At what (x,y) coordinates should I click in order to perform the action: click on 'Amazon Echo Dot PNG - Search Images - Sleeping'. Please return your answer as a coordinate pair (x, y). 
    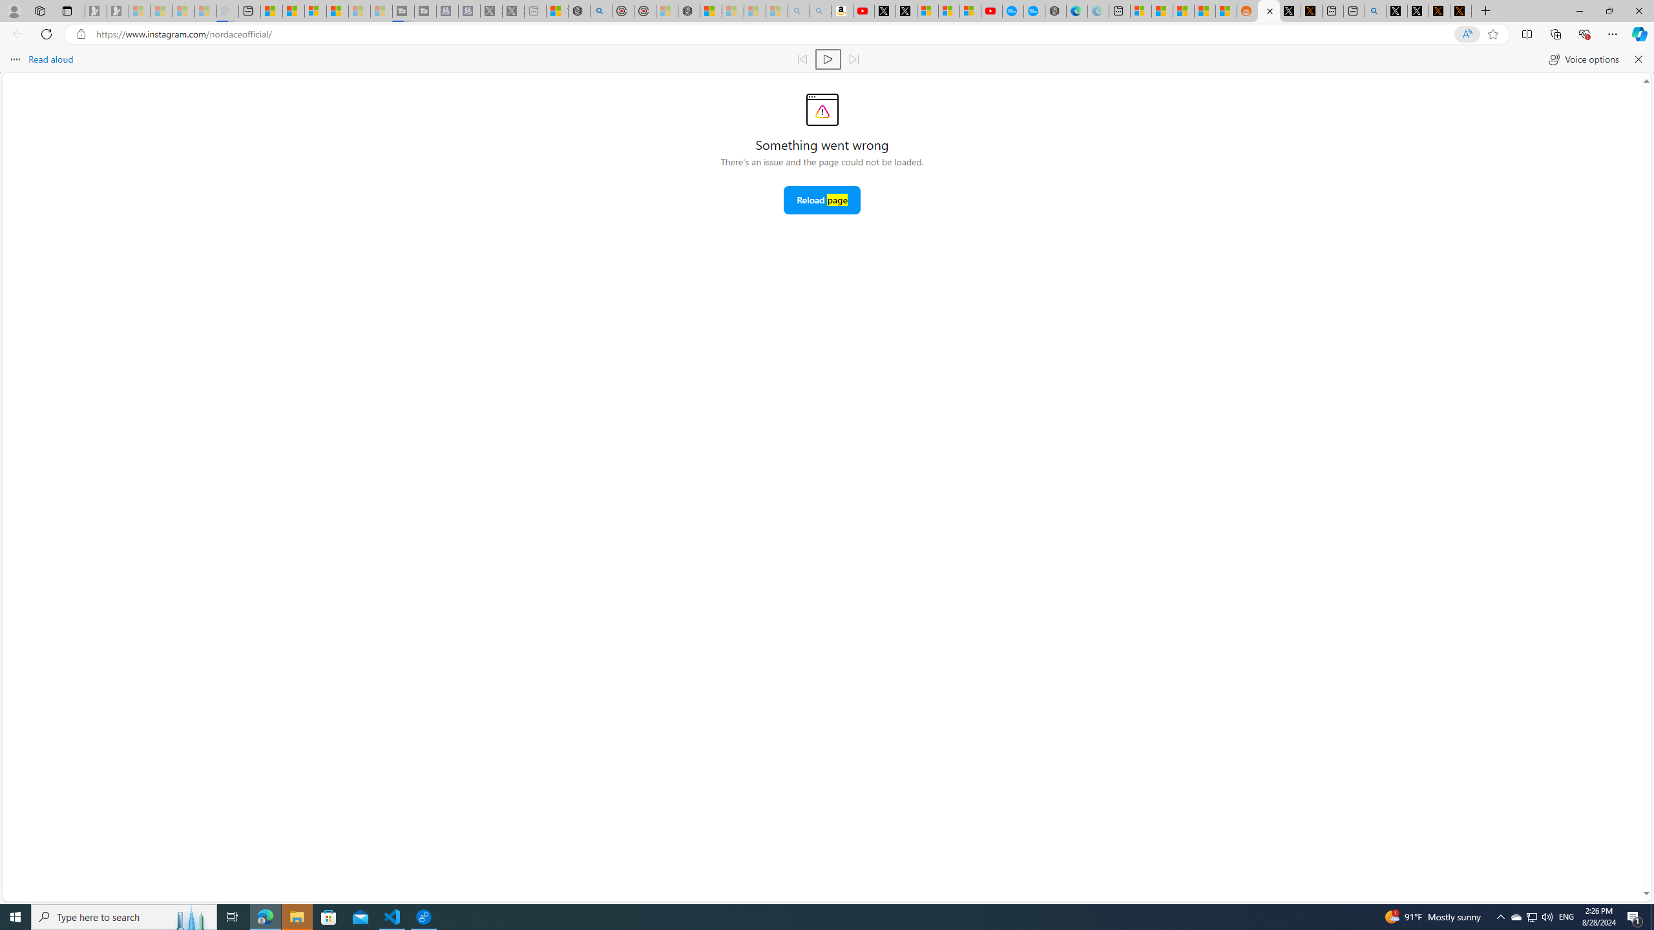
    Looking at the image, I should click on (819, 10).